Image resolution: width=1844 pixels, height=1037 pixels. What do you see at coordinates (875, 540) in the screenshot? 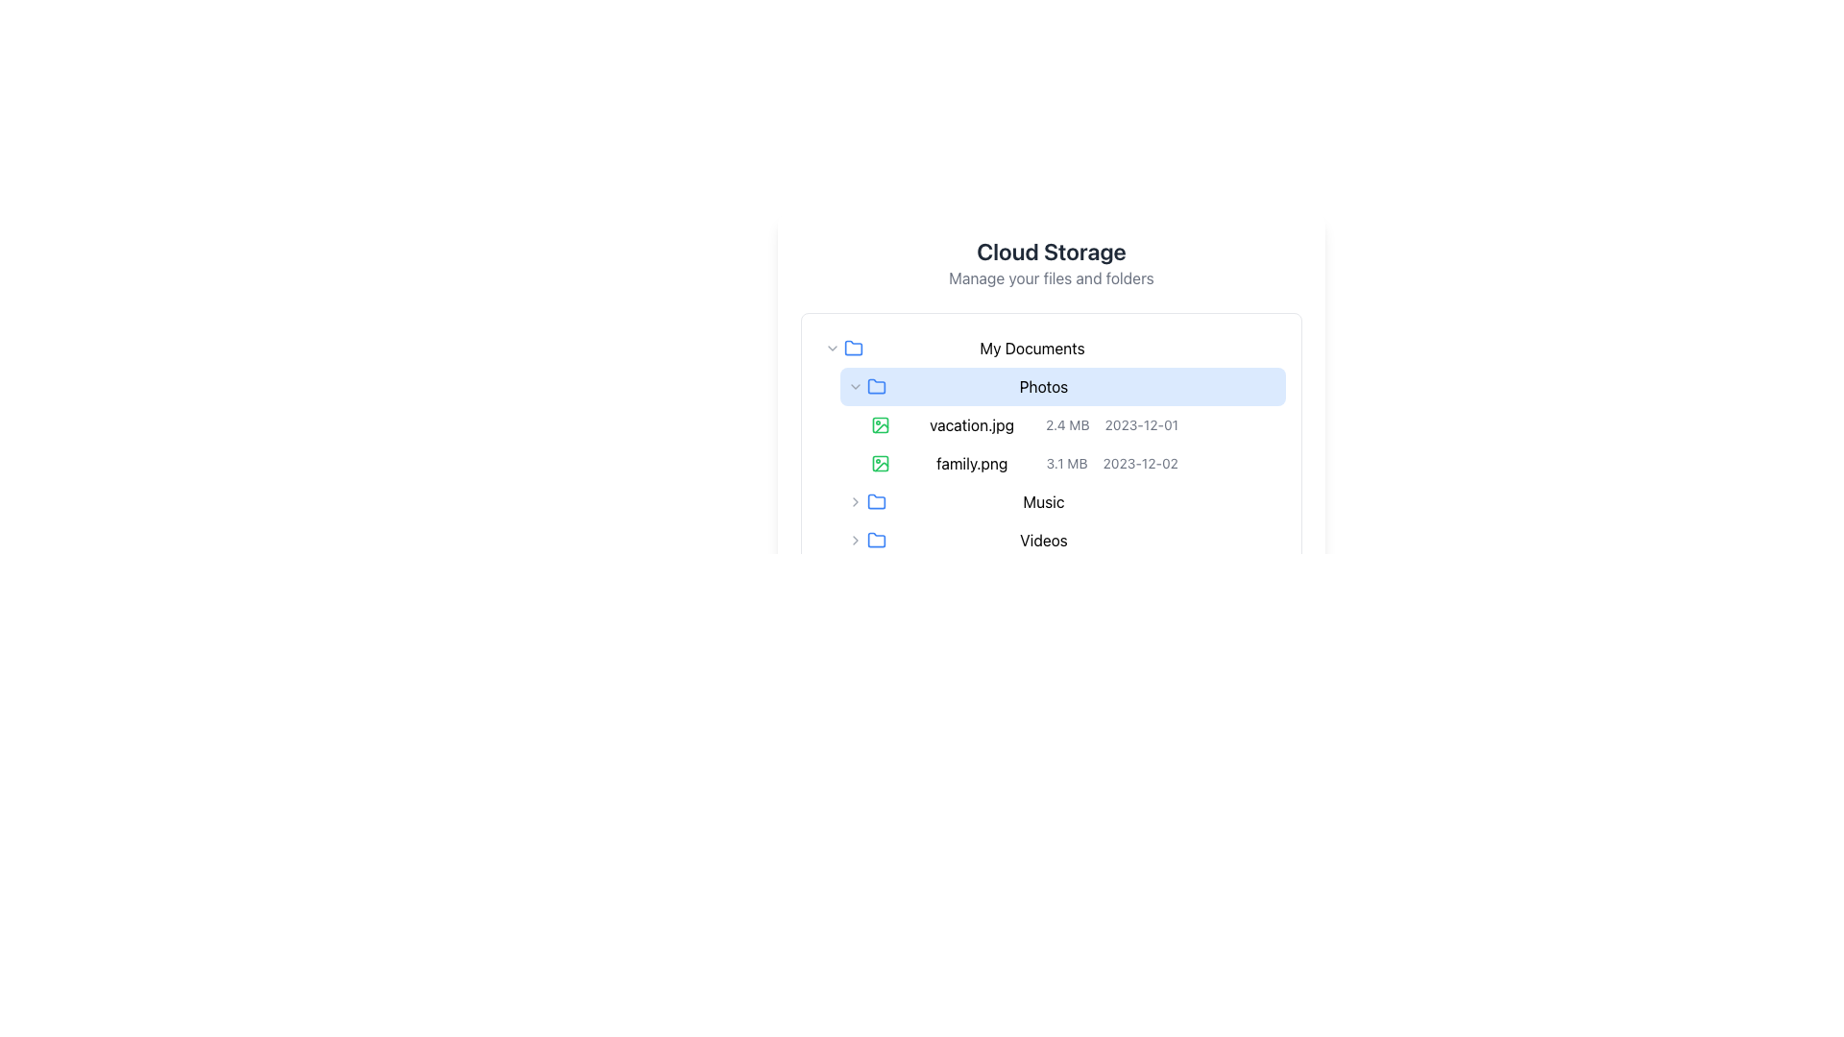
I see `the decorative part of the folder icon representing an expandable folder item in the 'Photos' list row under 'My Documents'` at bounding box center [875, 540].